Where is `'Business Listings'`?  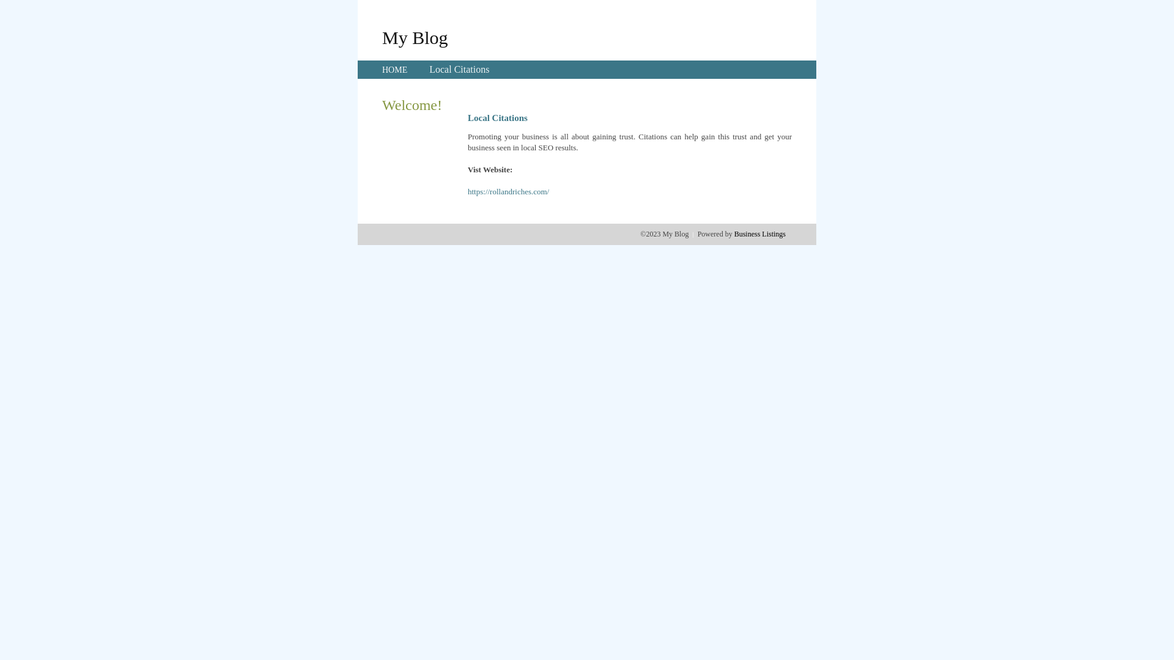
'Business Listings' is located at coordinates (759, 233).